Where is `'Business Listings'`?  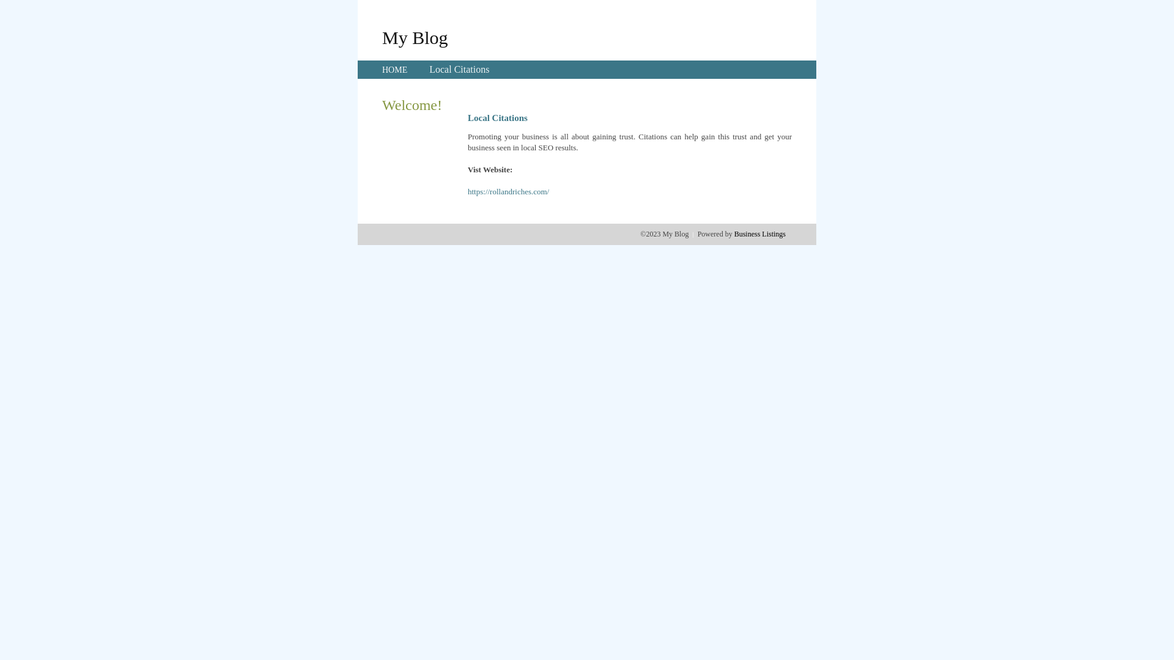
'Business Listings' is located at coordinates (759, 233).